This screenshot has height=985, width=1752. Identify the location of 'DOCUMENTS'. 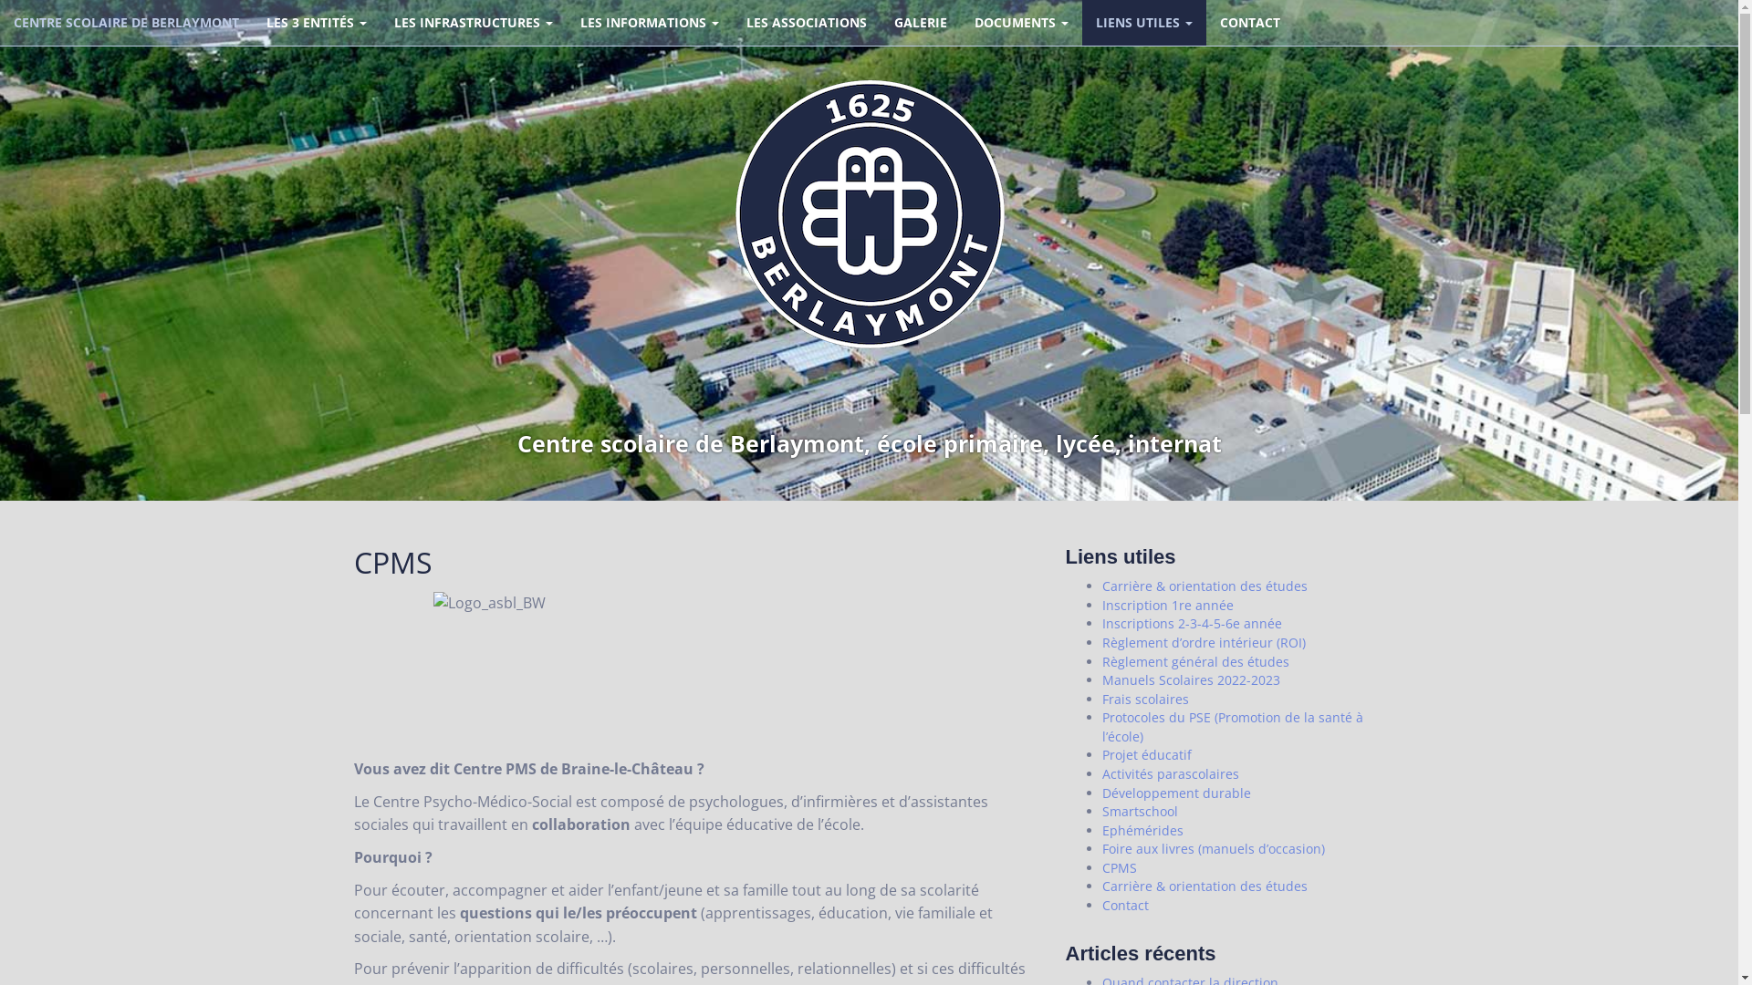
(959, 22).